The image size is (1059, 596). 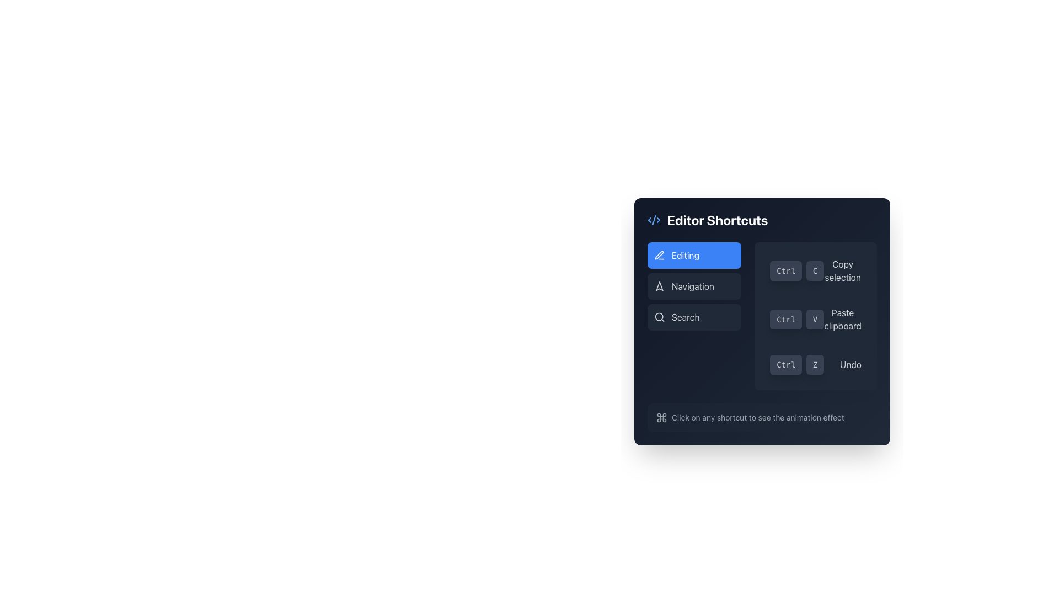 I want to click on the Keyboard shortcut representation for 'Copy selection' which consists of the 'Ctrl' and 'C' blocks with descriptive text, located in the upper portion of the 'Editing' section, so click(x=815, y=270).